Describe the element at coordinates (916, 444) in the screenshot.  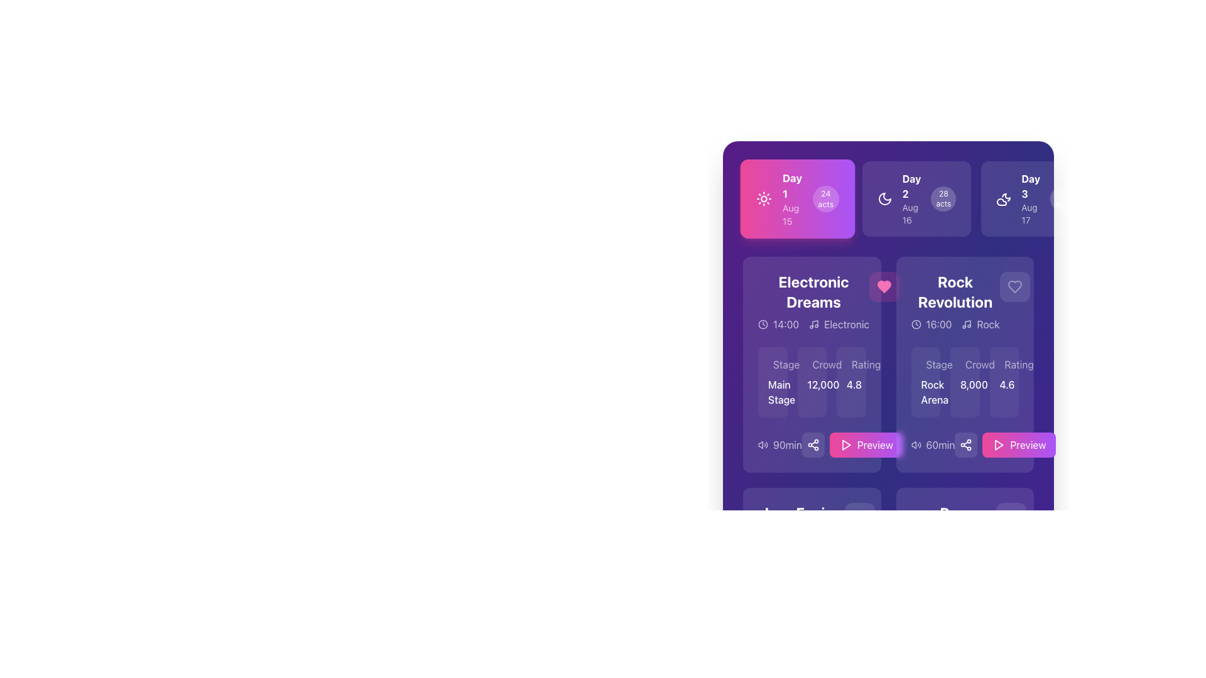
I see `the small speaker or volume icon located to the left of the '60min' text in the lower section of the 'Rock Revolution' event card` at that location.